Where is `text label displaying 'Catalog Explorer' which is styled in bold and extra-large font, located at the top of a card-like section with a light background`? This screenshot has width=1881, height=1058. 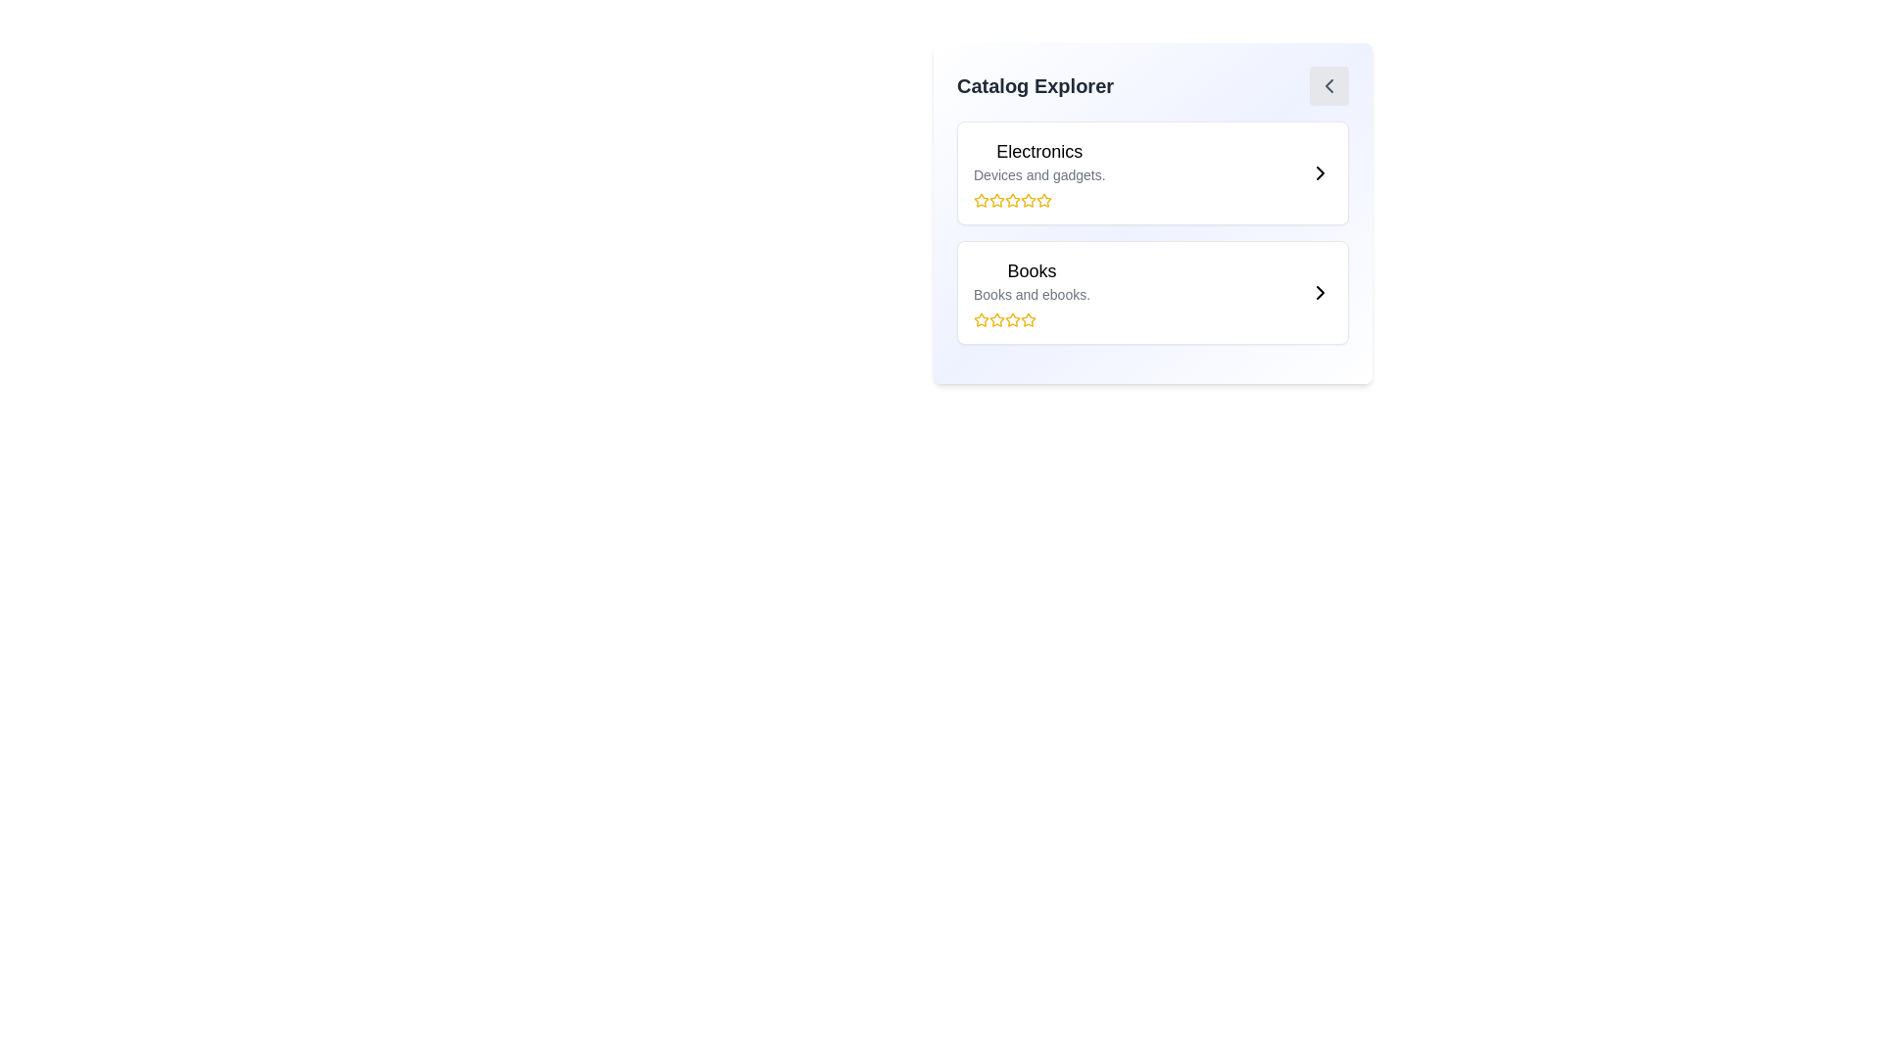 text label displaying 'Catalog Explorer' which is styled in bold and extra-large font, located at the top of a card-like section with a light background is located at coordinates (1034, 85).